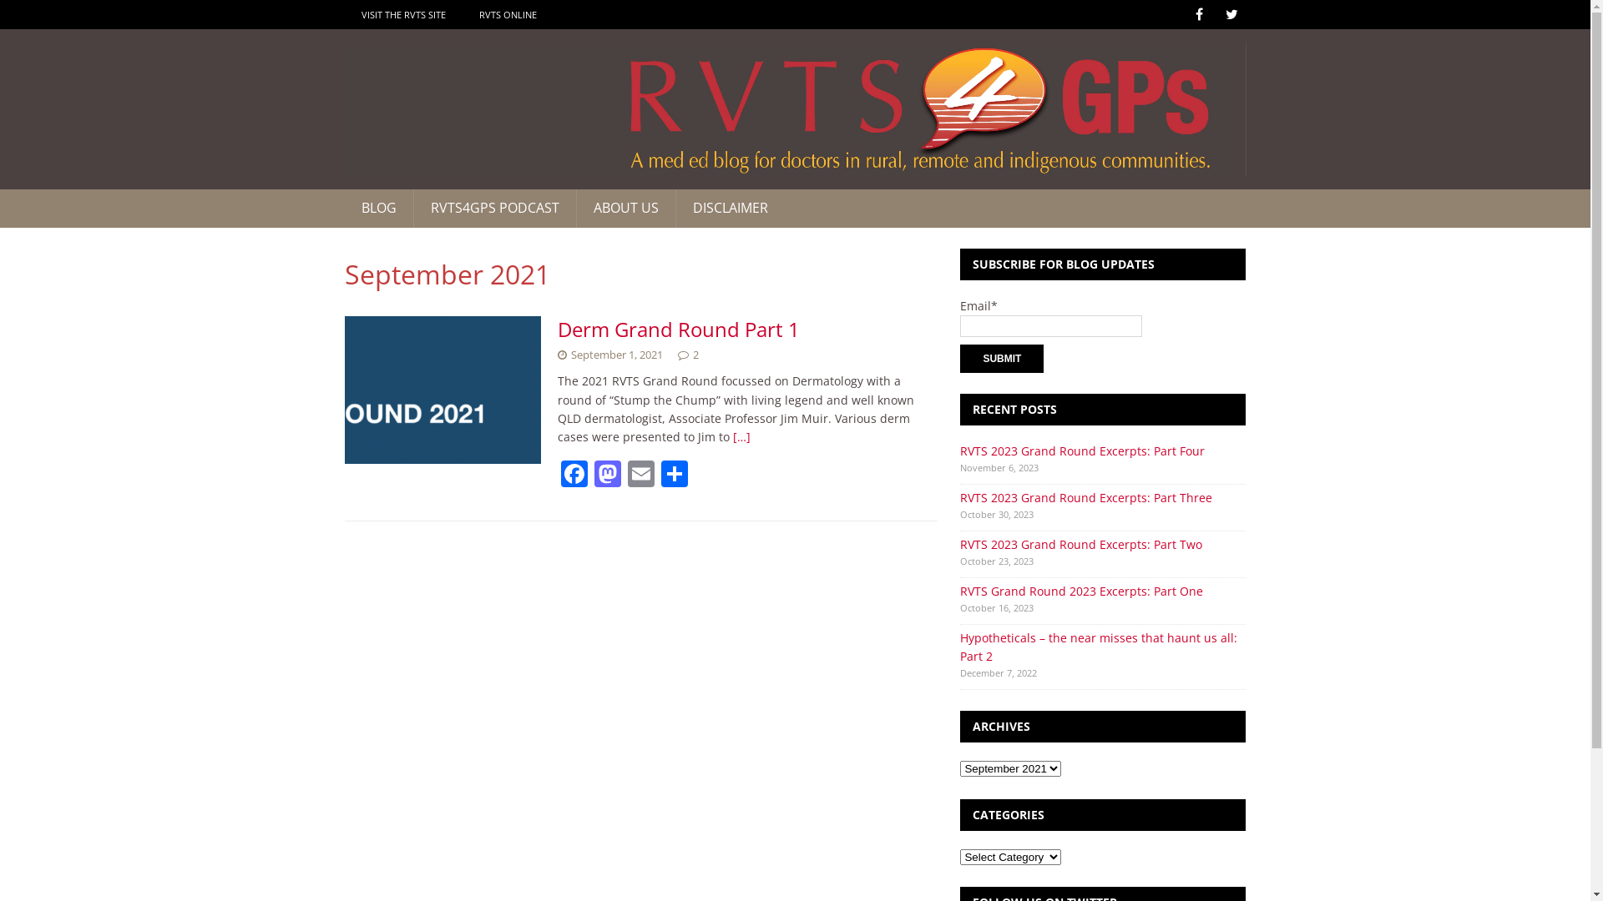  Describe the element at coordinates (1002, 357) in the screenshot. I see `'Submit'` at that location.